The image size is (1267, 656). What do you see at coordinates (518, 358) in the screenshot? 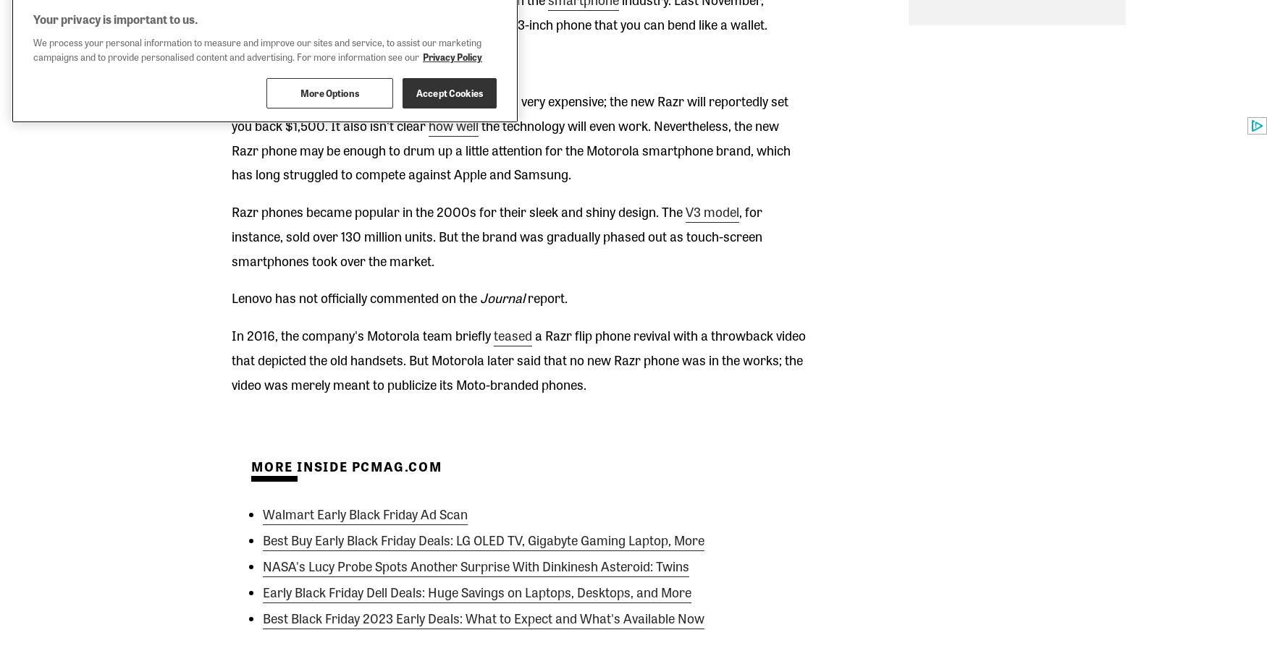
I see `'a Razr flip phone revival with a throwback video that depicted the old handsets. But Motorola later said that no new Razr phone was in the works; the video was merely meant to publicize its Moto-branded phones.'` at bounding box center [518, 358].